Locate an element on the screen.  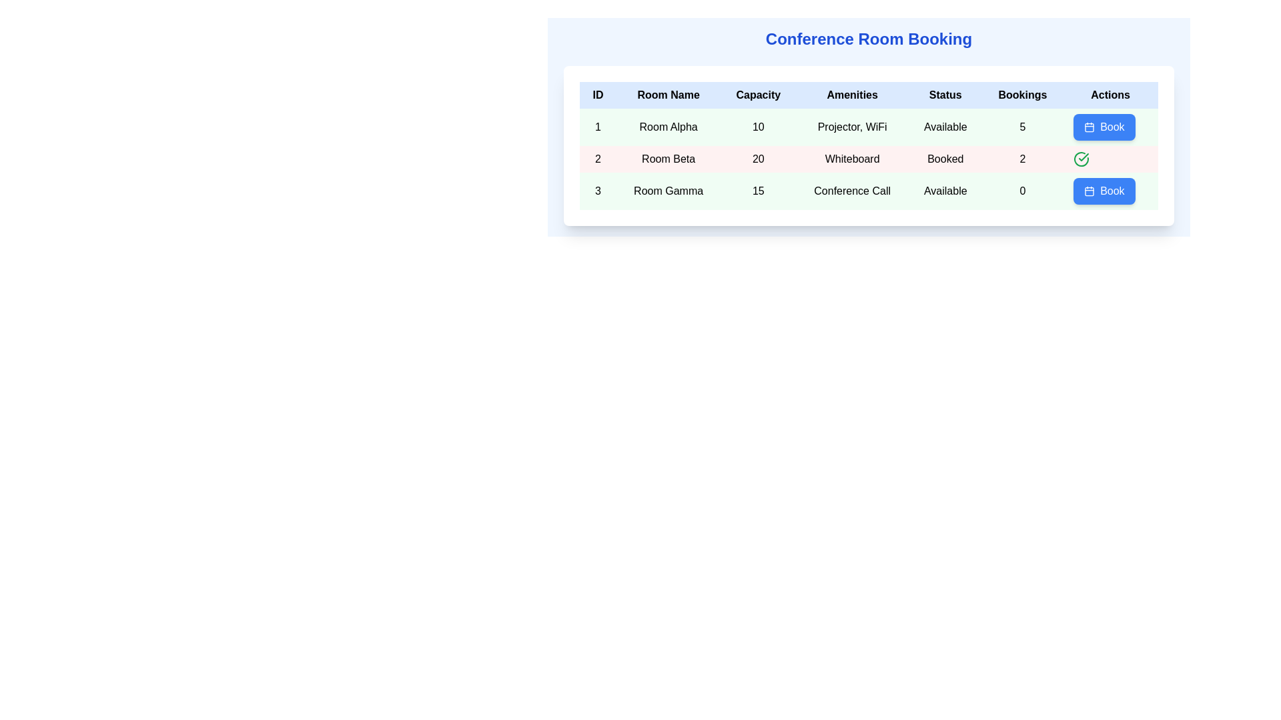
the numeral '2' text label with a centered alignment in a light red background, located in the second row under the 'ID' column of the table is located at coordinates (597, 159).